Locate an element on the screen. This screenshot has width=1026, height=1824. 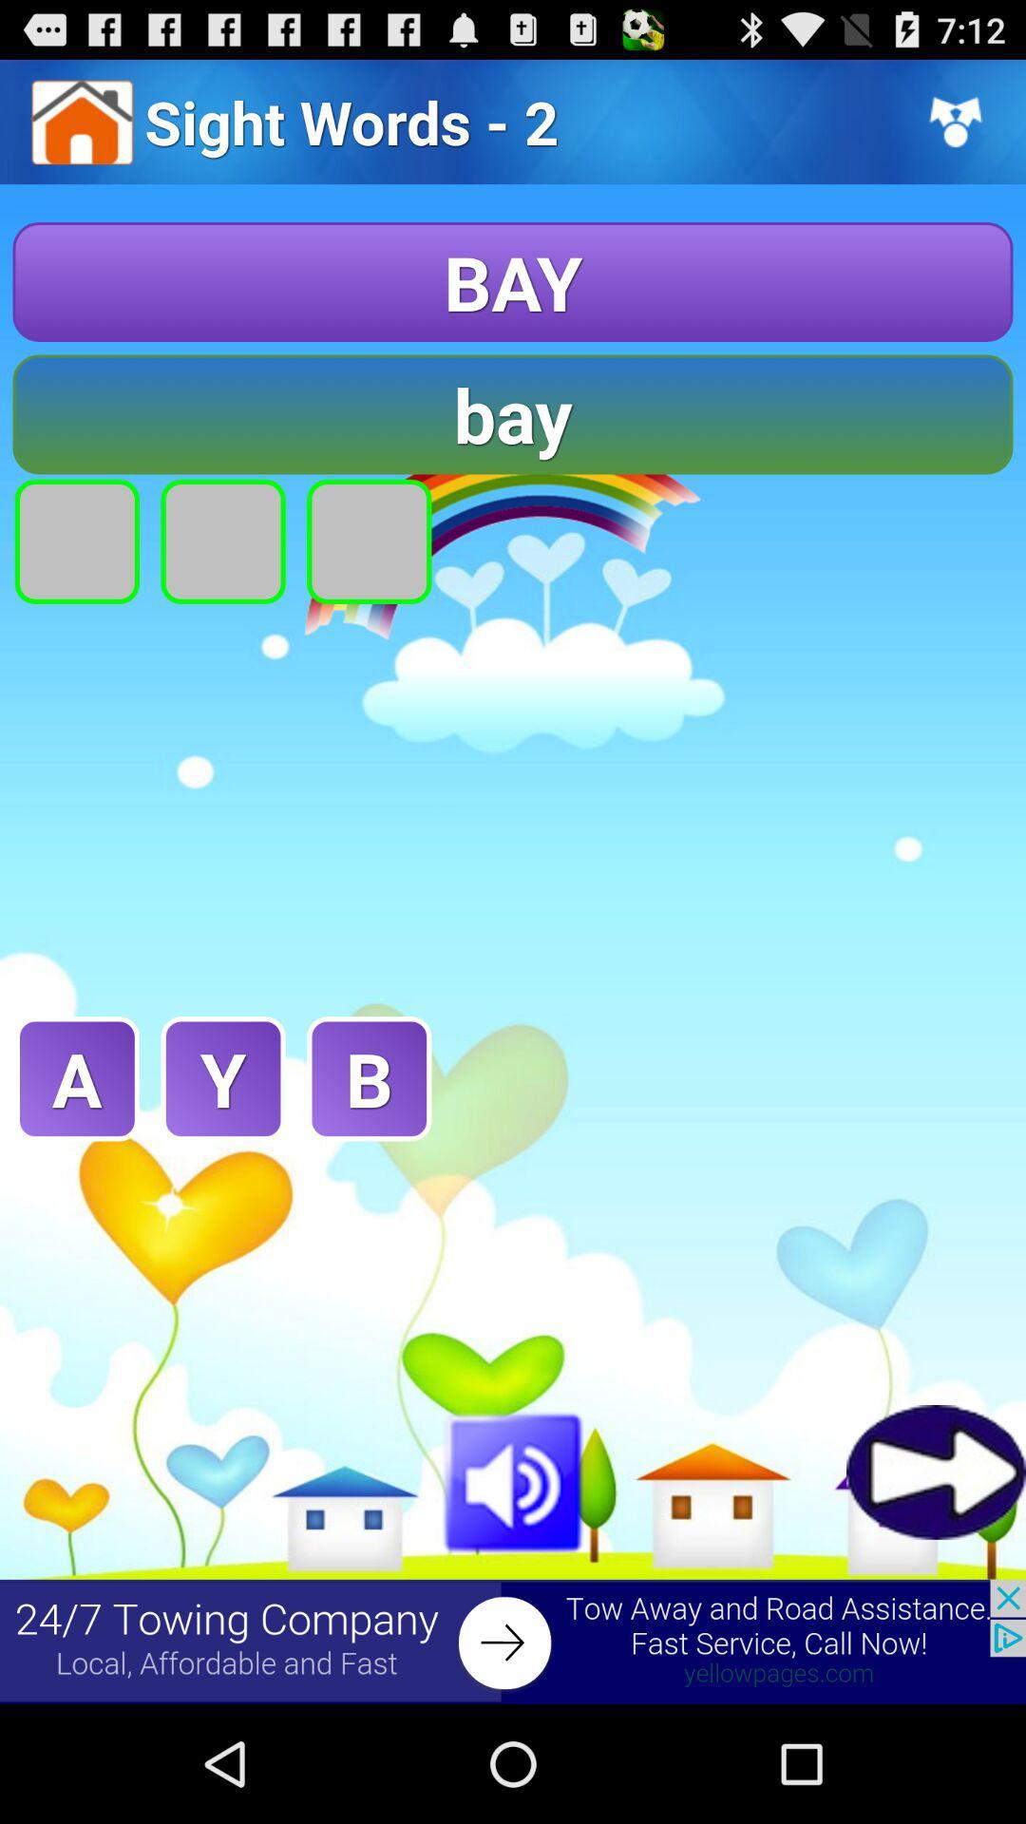
go forward is located at coordinates (935, 1471).